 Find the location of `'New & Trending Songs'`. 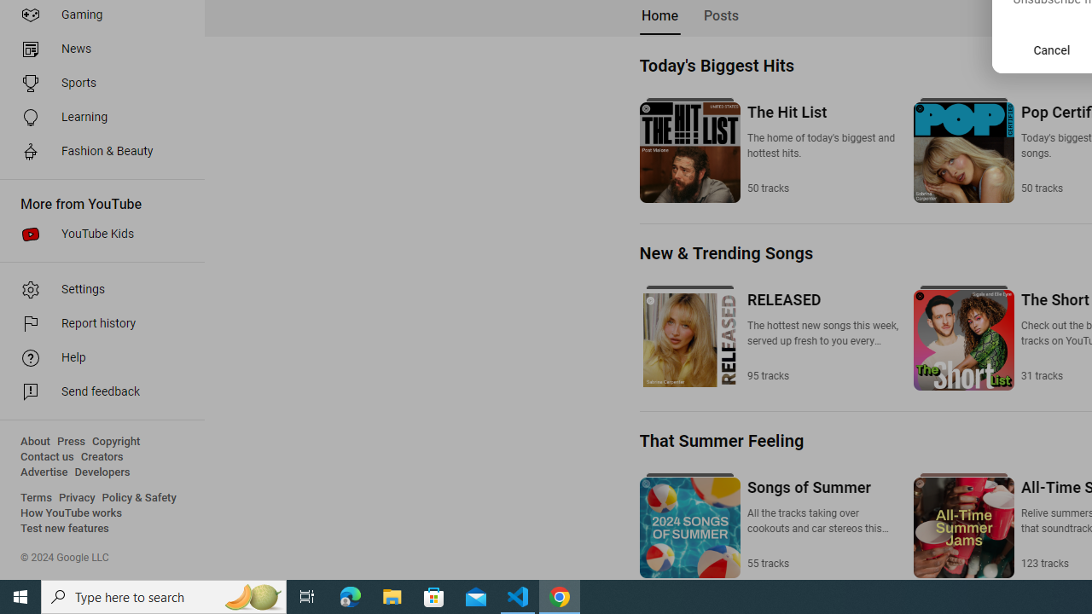

'New & Trending Songs' is located at coordinates (726, 253).